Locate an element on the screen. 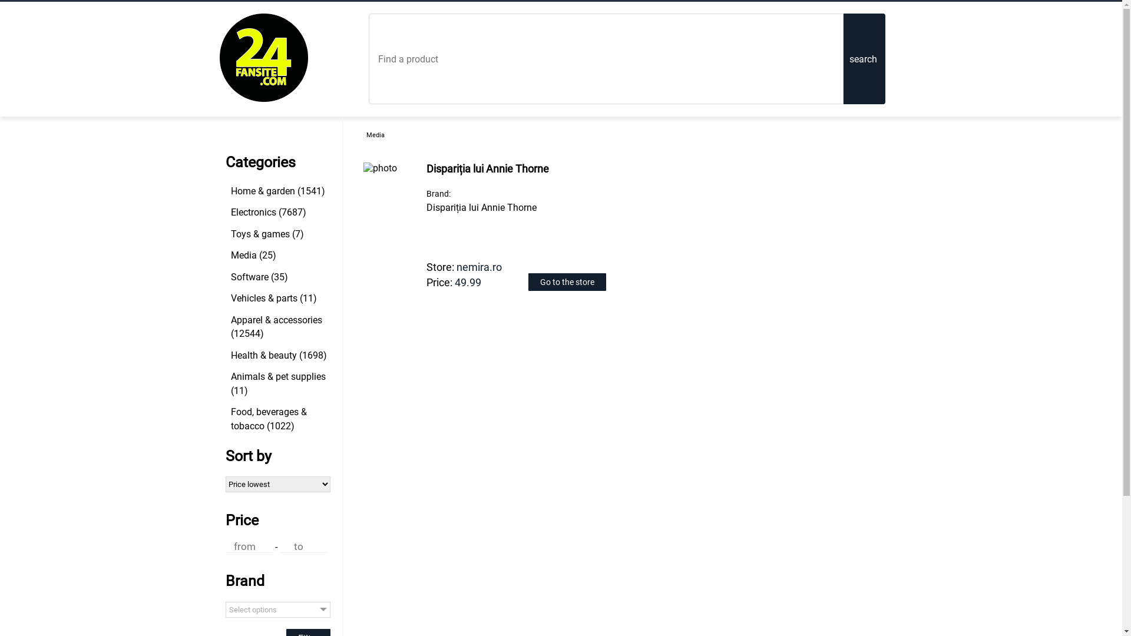 The height and width of the screenshot is (636, 1131). 'Vehicles & parts (11)' is located at coordinates (229, 297).